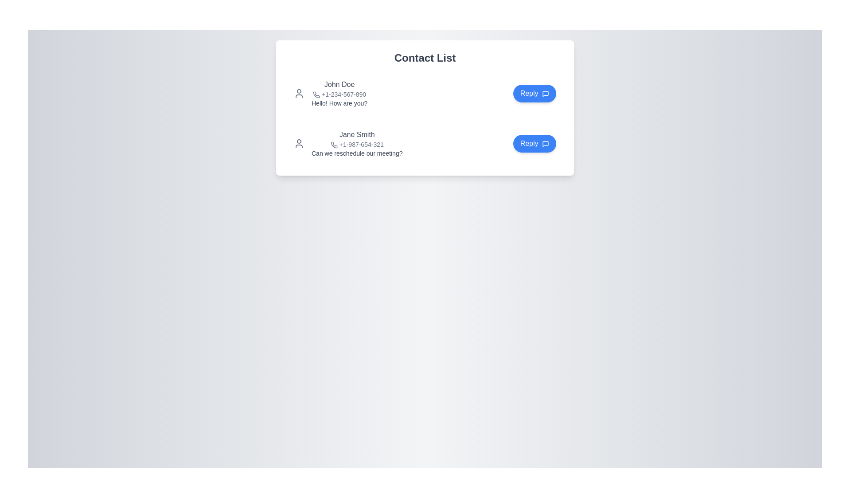 The image size is (851, 479). I want to click on the phone number '+1-234-567-890' displayed in small gray font next to the phone icon on the contact card for 'John Doe', so click(339, 94).